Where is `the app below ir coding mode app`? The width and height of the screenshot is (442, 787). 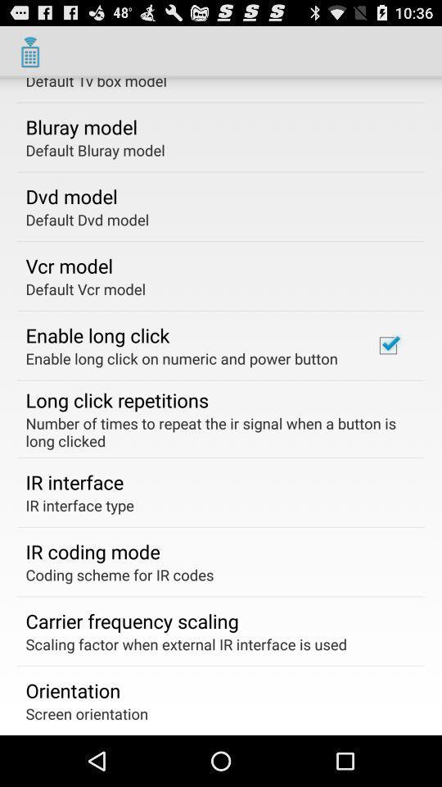 the app below ir coding mode app is located at coordinates (119, 575).